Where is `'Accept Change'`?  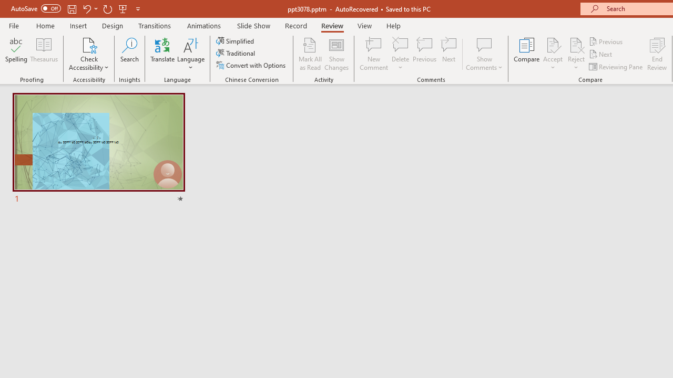
'Accept Change' is located at coordinates (552, 44).